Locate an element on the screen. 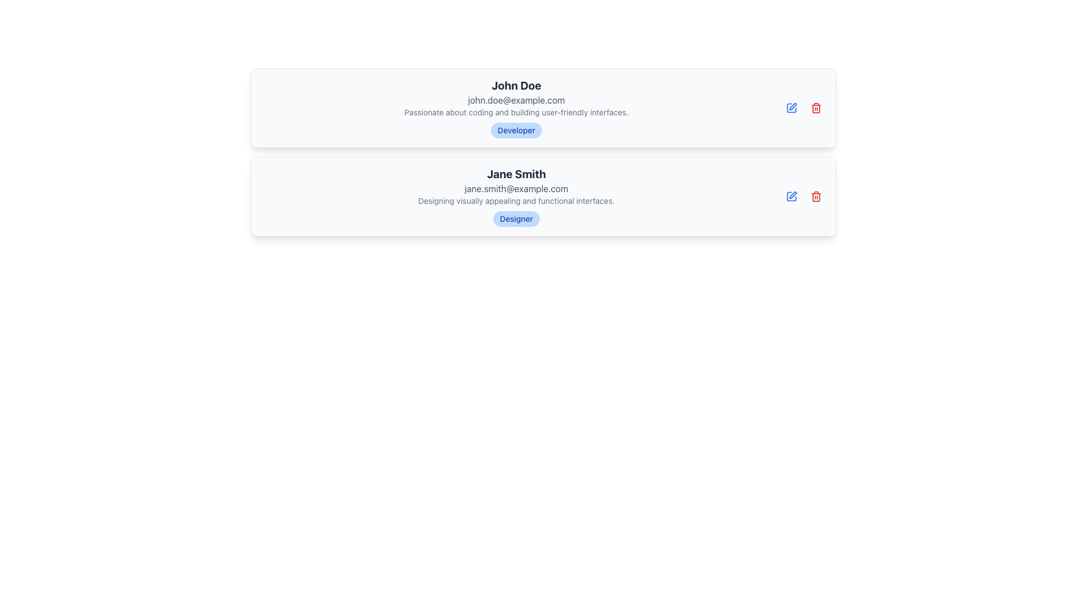 The height and width of the screenshot is (605, 1075). the text element styled in gray, located below the email address and above the 'Developer' badge, which reads: 'Passionate about coding and building user-friendly interfaces.' is located at coordinates (516, 112).